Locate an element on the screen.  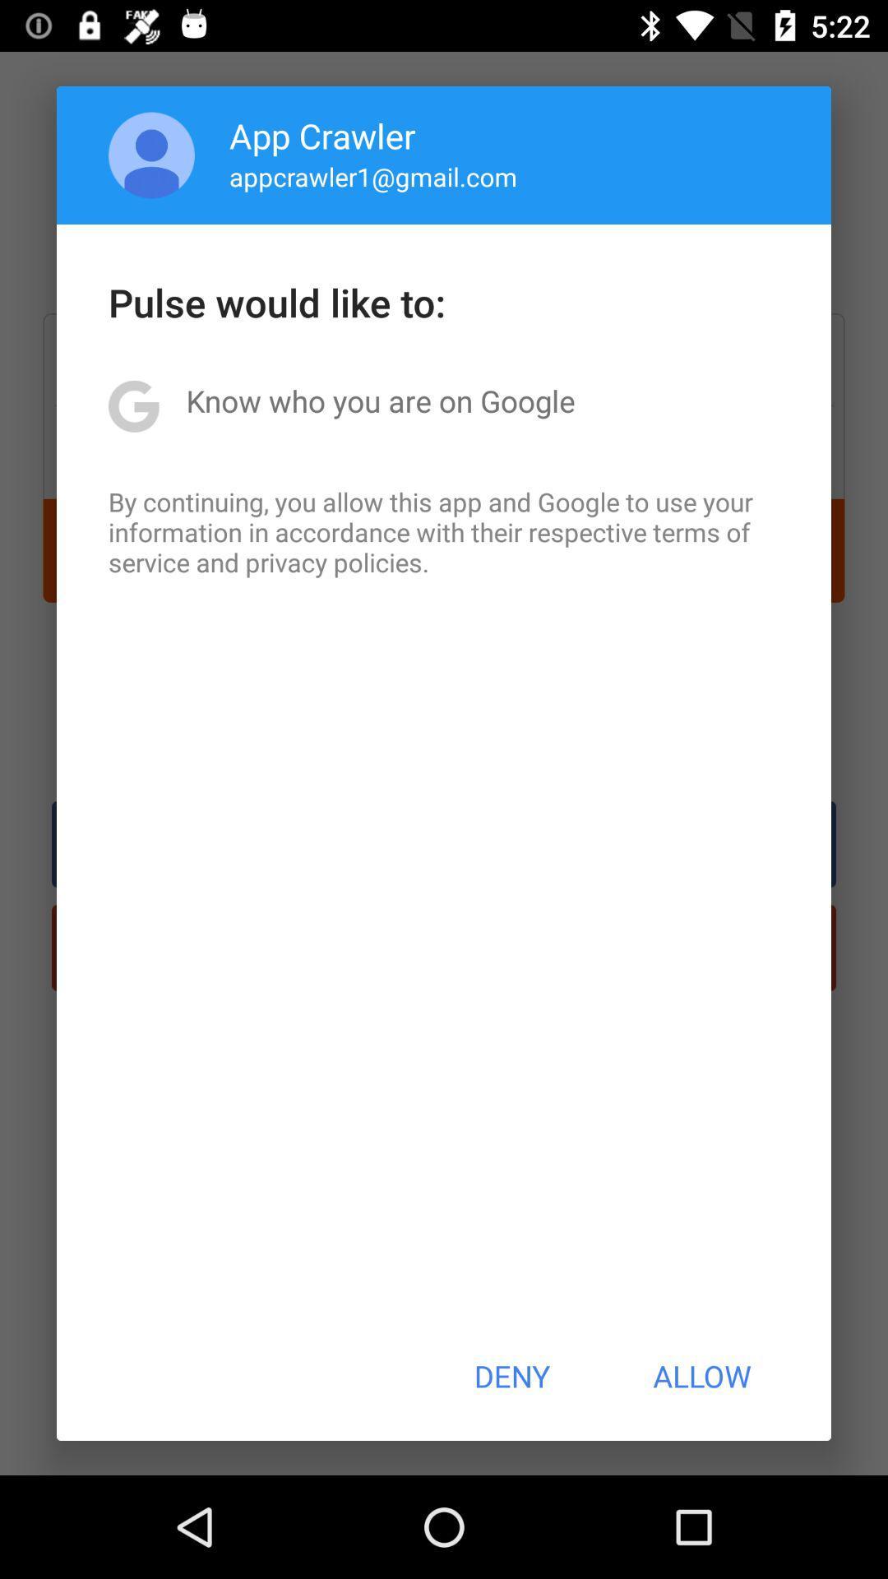
the icon at the bottom is located at coordinates (511, 1376).